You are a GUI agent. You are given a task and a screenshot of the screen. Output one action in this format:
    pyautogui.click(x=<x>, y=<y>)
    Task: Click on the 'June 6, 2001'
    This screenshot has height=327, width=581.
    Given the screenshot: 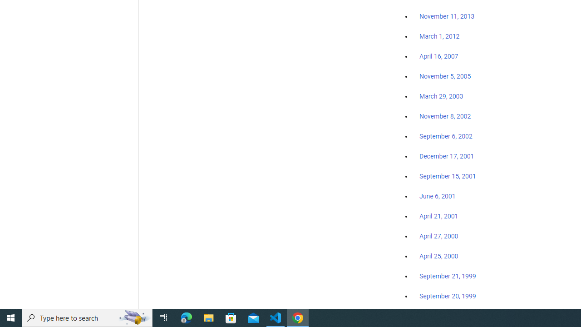 What is the action you would take?
    pyautogui.click(x=437, y=196)
    